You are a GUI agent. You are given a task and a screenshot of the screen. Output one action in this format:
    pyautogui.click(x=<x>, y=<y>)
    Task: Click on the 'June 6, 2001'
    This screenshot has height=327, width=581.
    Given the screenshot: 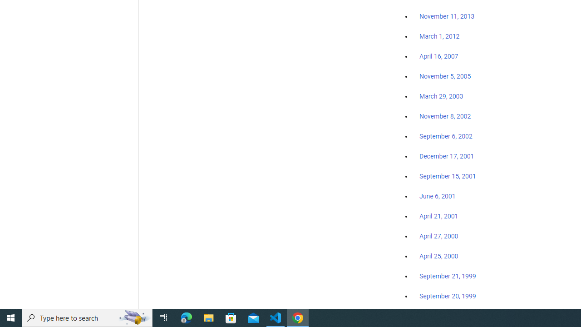 What is the action you would take?
    pyautogui.click(x=437, y=196)
    